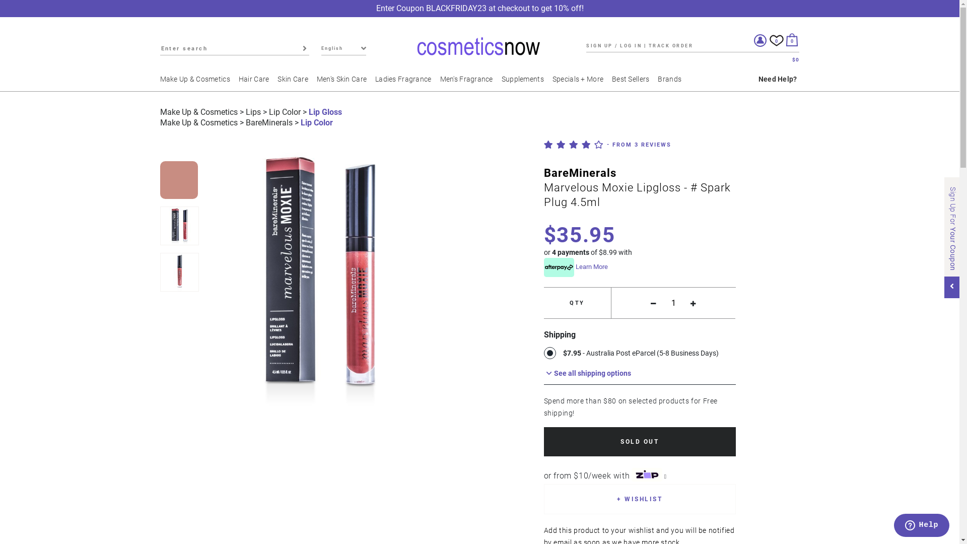 This screenshot has width=967, height=544. Describe the element at coordinates (406, 83) in the screenshot. I see `'Ladies Fragrance'` at that location.